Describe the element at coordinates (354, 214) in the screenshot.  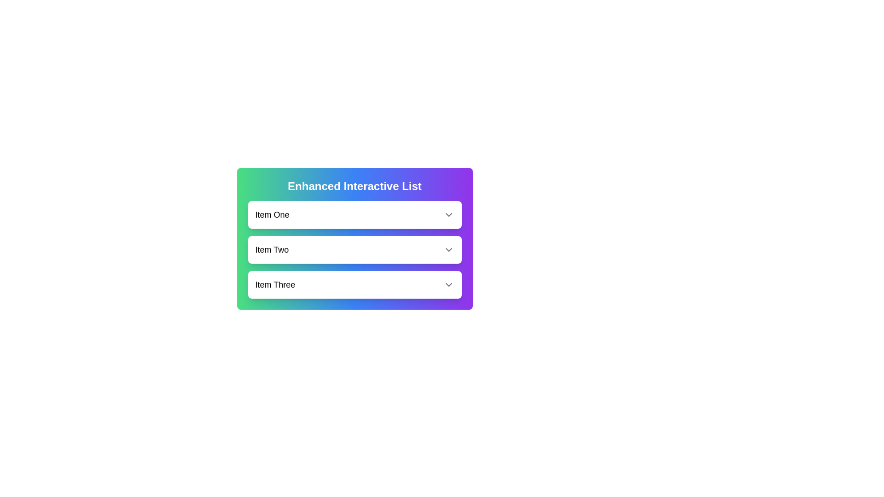
I see `the dropdown list item labeled 'Item One'` at that location.